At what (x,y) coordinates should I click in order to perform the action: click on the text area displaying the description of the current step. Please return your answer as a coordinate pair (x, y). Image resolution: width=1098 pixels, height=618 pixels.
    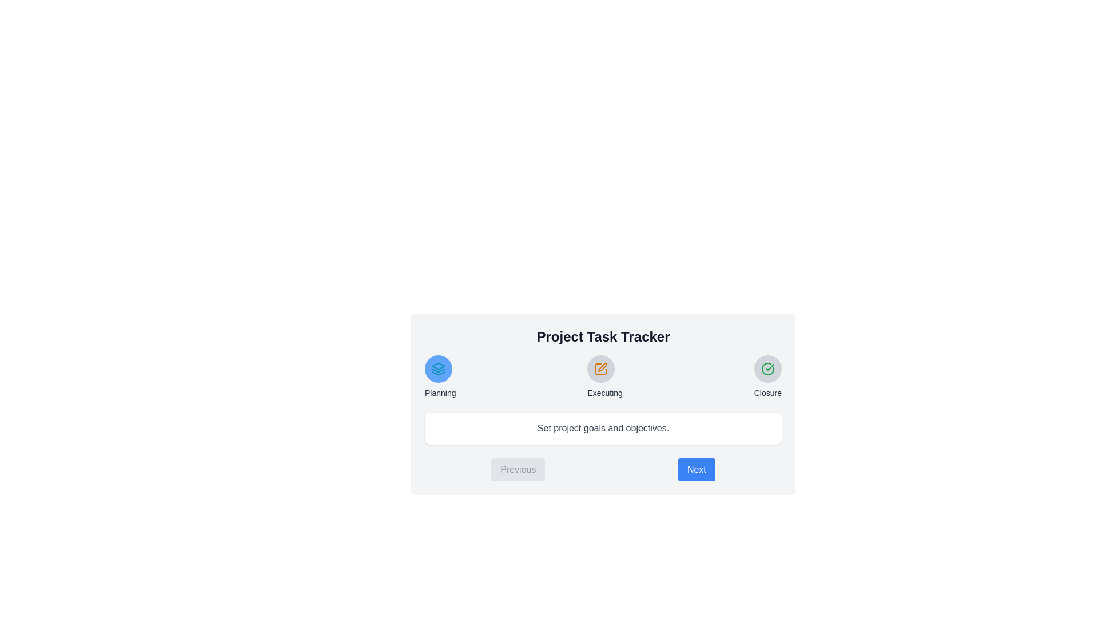
    Looking at the image, I should click on (603, 428).